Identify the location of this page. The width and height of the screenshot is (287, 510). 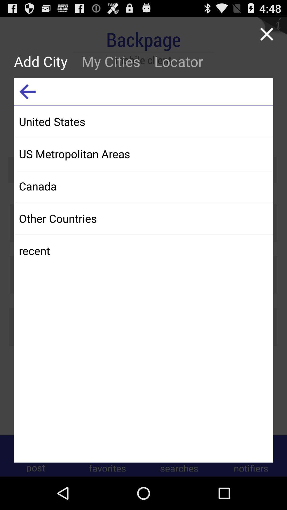
(267, 34).